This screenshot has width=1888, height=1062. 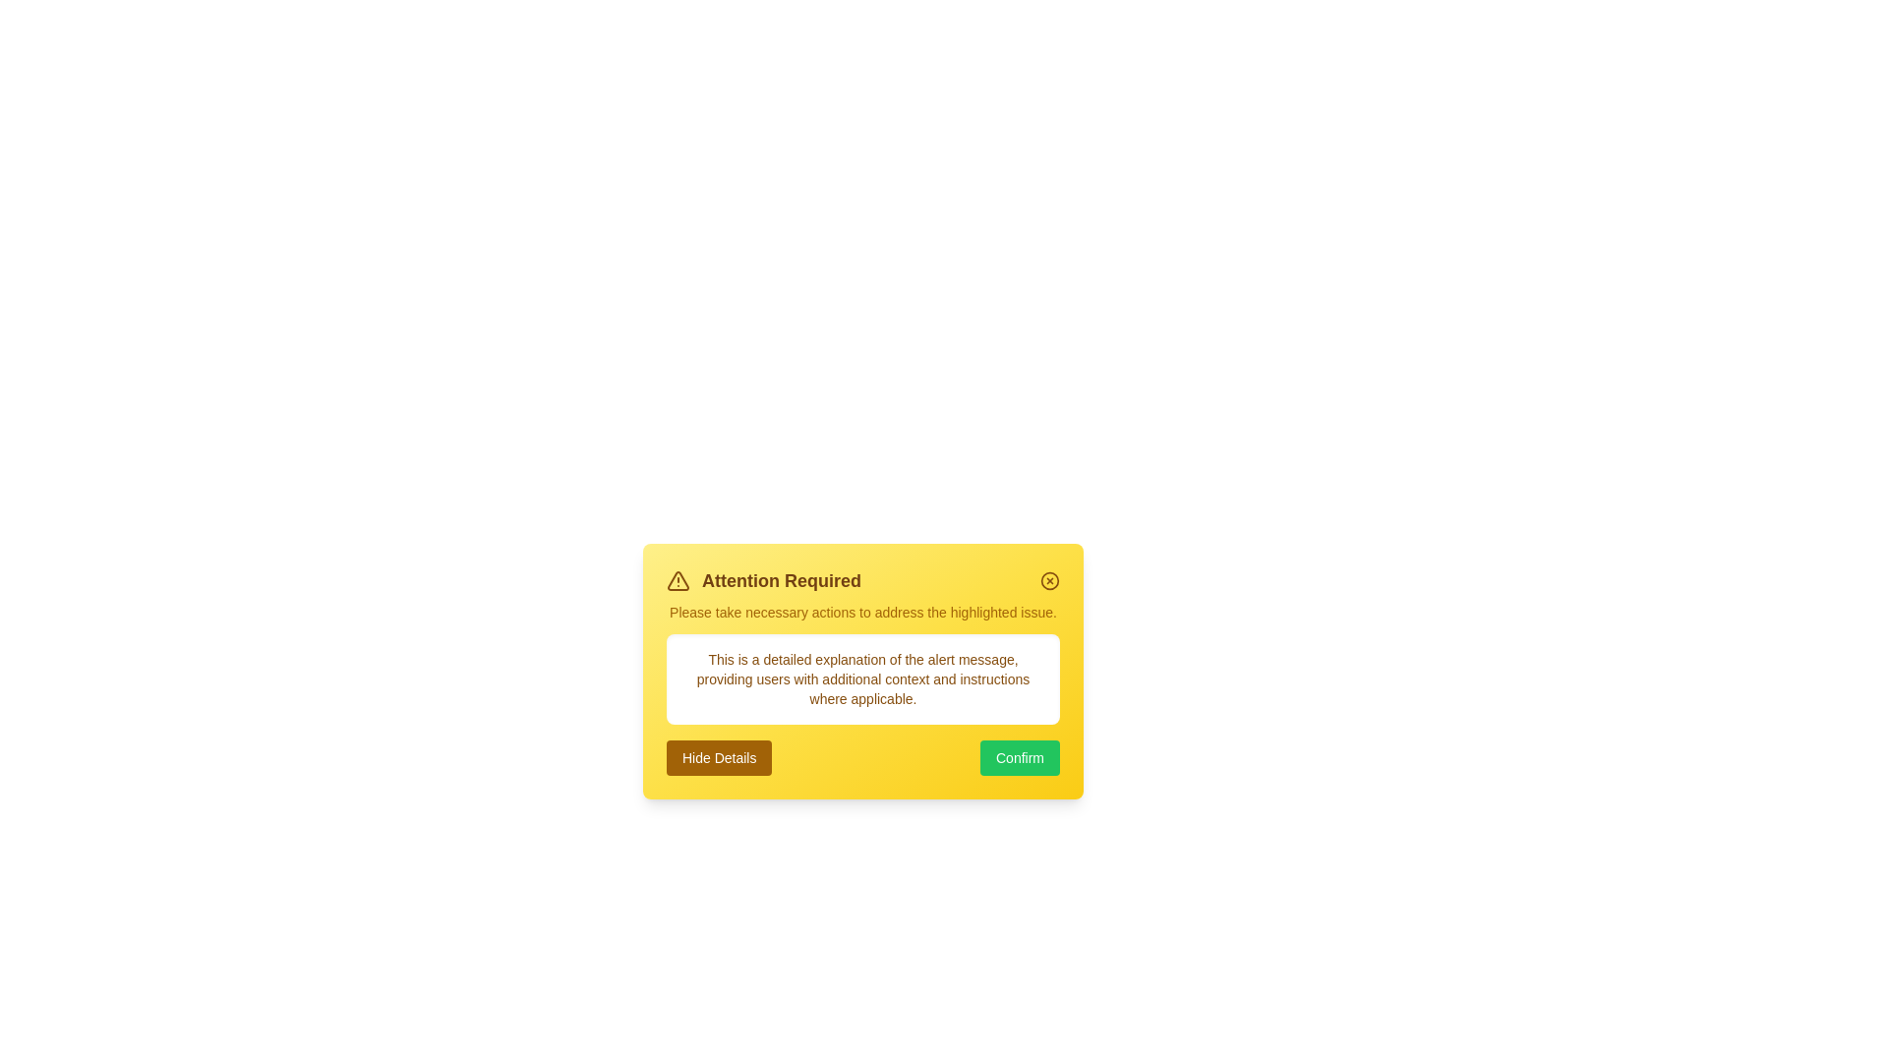 I want to click on the close button in the top-right corner of the alert to dismiss it, so click(x=1049, y=579).